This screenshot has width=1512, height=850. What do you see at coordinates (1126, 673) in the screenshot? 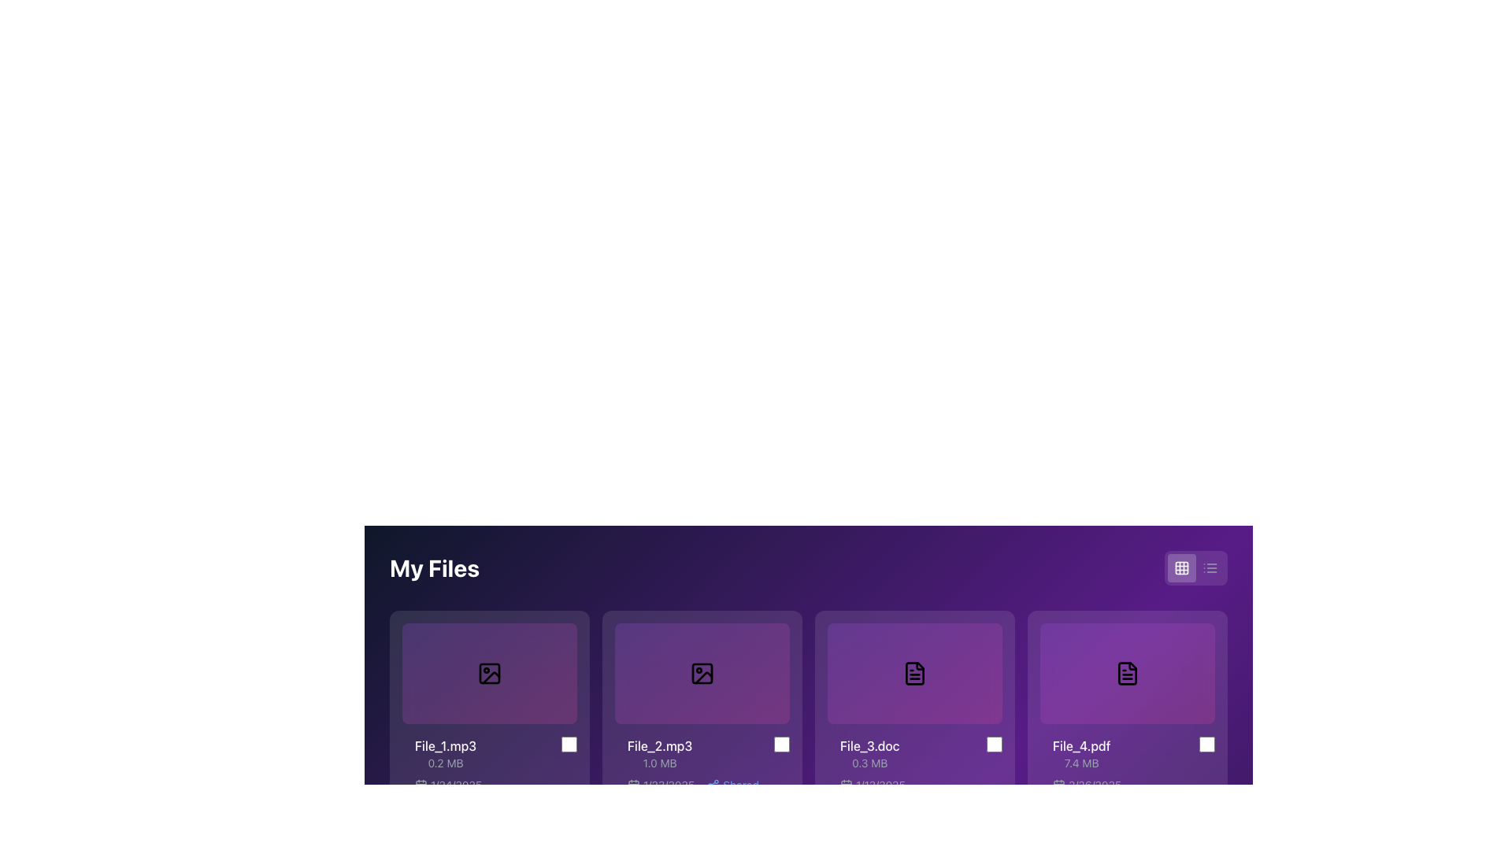
I see `the document icon representing 'File_4.pdf'` at bounding box center [1126, 673].